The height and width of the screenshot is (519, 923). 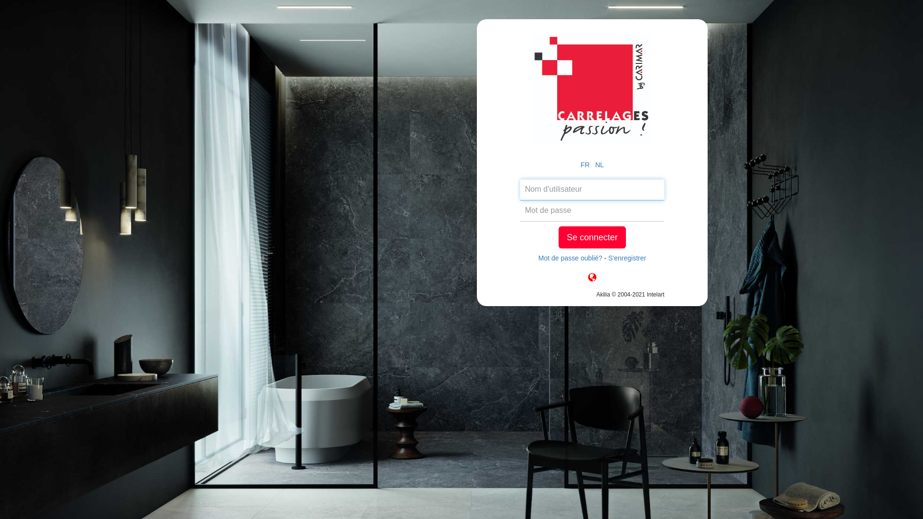 What do you see at coordinates (592, 237) in the screenshot?
I see `'Se connecter'` at bounding box center [592, 237].